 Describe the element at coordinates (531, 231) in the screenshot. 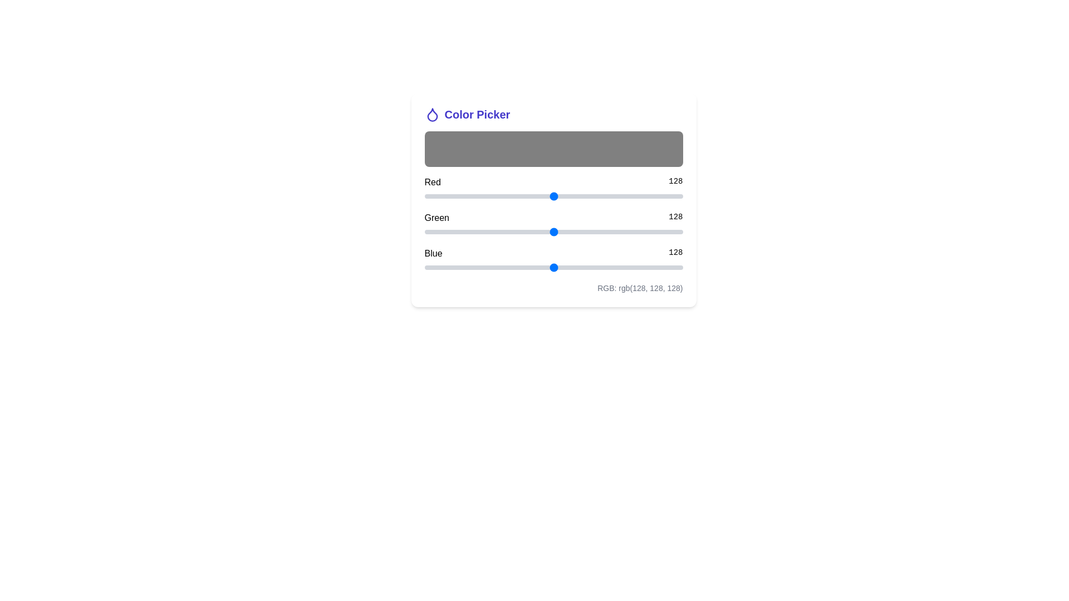

I see `the Green slider to set the green component to 106` at that location.